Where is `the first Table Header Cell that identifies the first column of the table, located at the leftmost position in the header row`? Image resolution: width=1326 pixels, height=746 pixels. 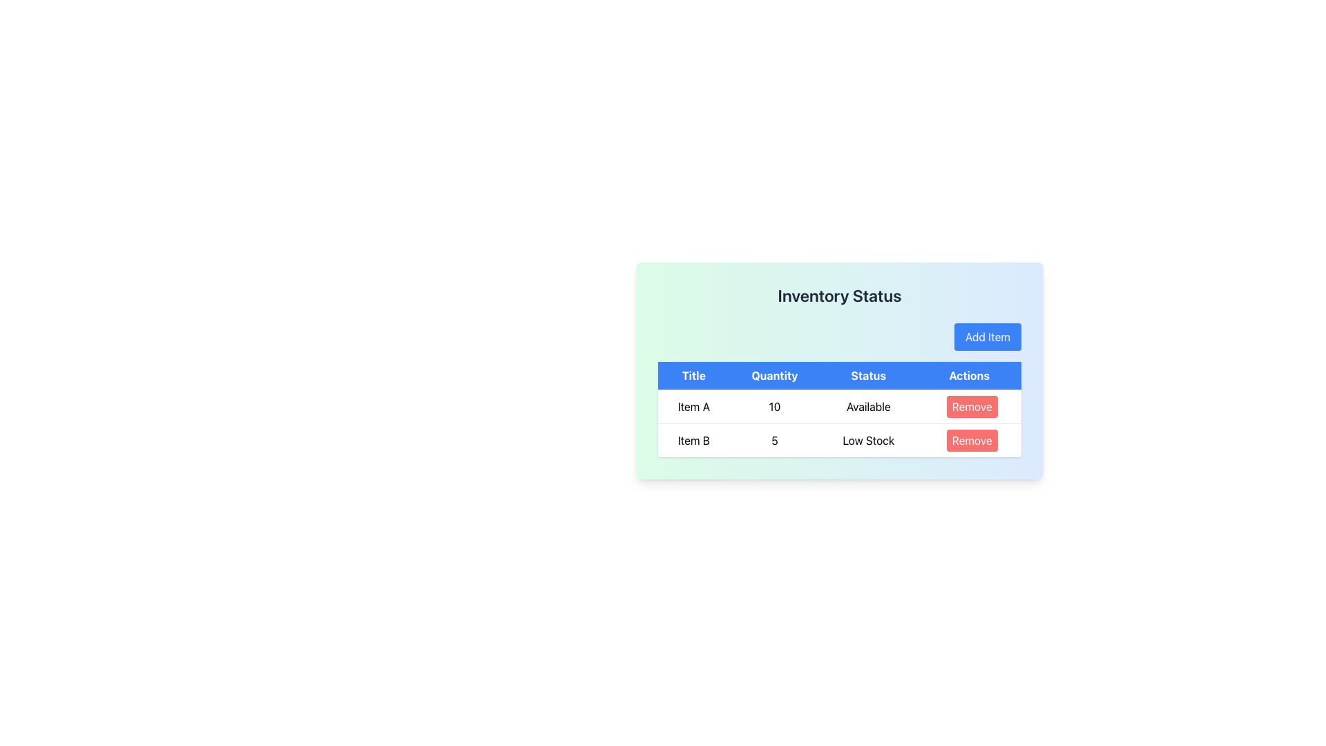
the first Table Header Cell that identifies the first column of the table, located at the leftmost position in the header row is located at coordinates (693, 376).